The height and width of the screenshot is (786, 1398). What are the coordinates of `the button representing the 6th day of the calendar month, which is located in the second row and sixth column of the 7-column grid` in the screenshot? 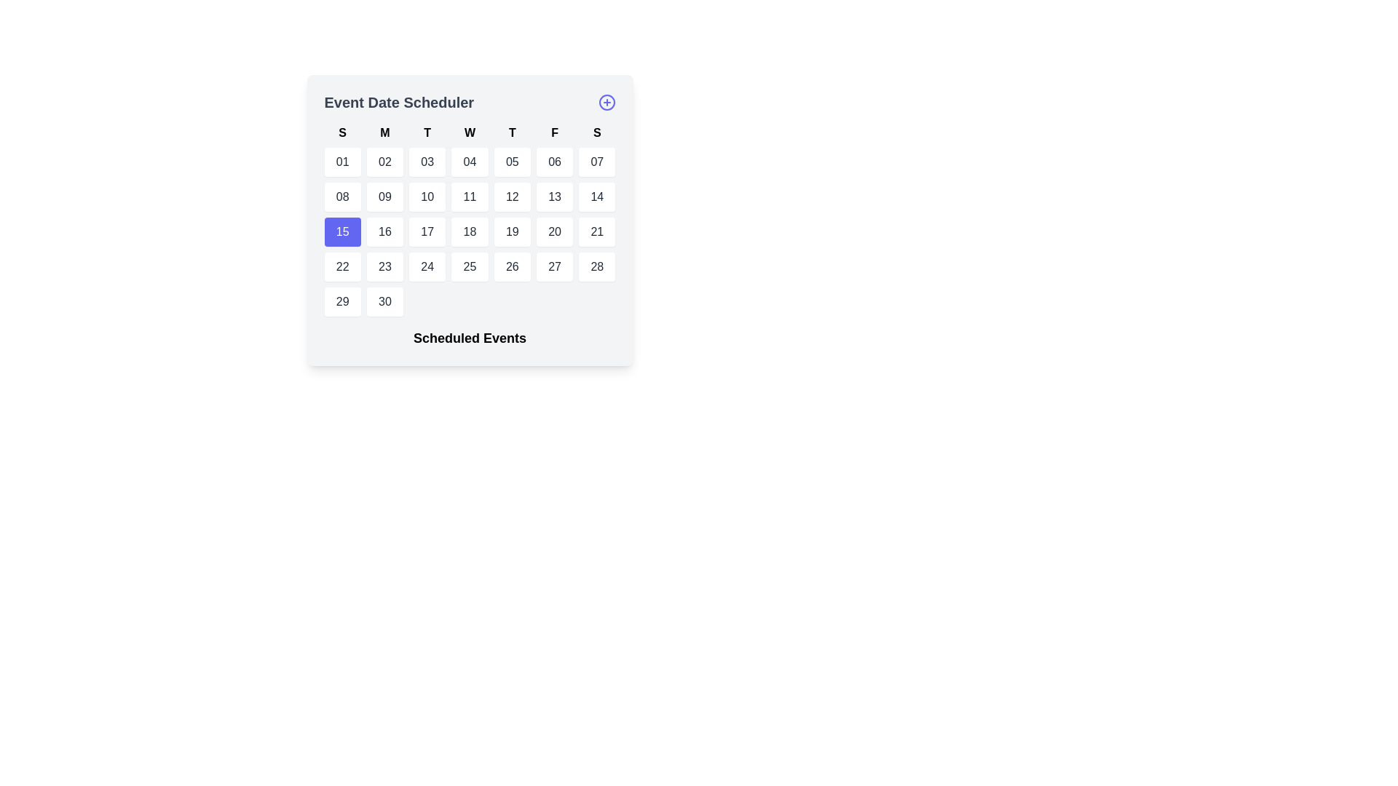 It's located at (554, 162).